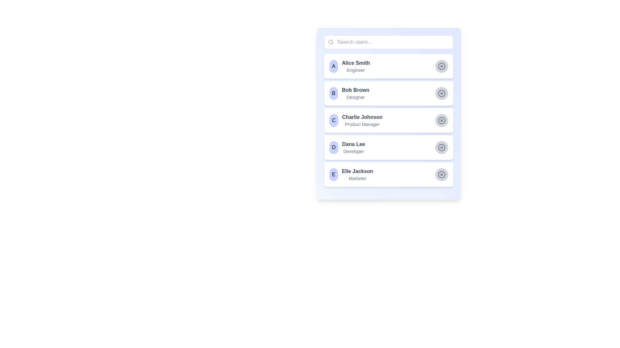  Describe the element at coordinates (334, 148) in the screenshot. I see `the circular Avatar/Badge representing Dana Lee, which is positioned between the identifier badge and the text` at that location.